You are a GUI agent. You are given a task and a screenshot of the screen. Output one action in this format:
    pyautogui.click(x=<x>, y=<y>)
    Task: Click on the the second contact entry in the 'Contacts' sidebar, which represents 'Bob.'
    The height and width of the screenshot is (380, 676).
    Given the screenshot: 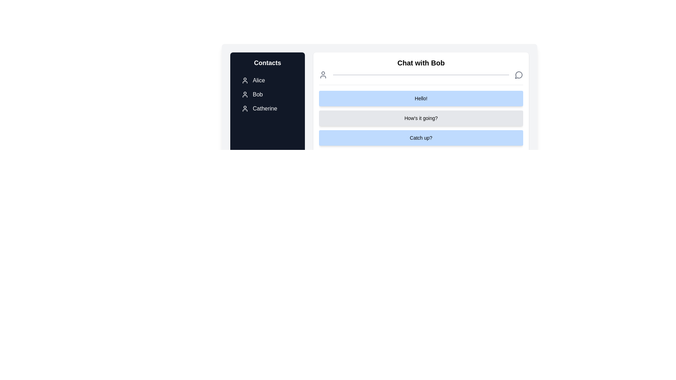 What is the action you would take?
    pyautogui.click(x=267, y=94)
    